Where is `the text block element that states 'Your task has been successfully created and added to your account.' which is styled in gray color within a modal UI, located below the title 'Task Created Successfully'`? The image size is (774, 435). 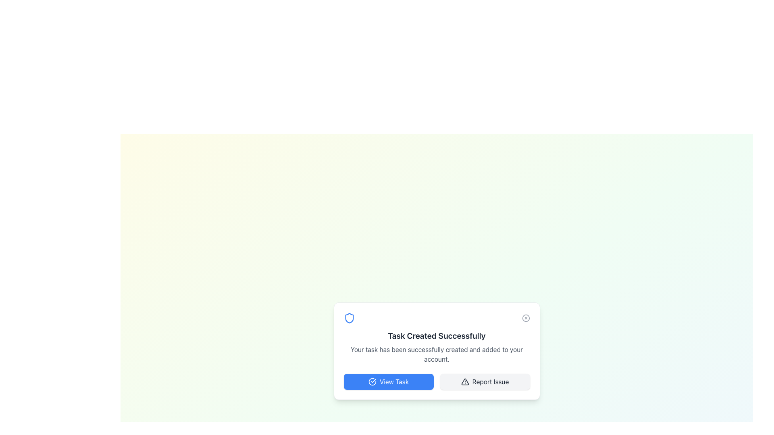 the text block element that states 'Your task has been successfully created and added to your account.' which is styled in gray color within a modal UI, located below the title 'Task Created Successfully' is located at coordinates (436, 354).